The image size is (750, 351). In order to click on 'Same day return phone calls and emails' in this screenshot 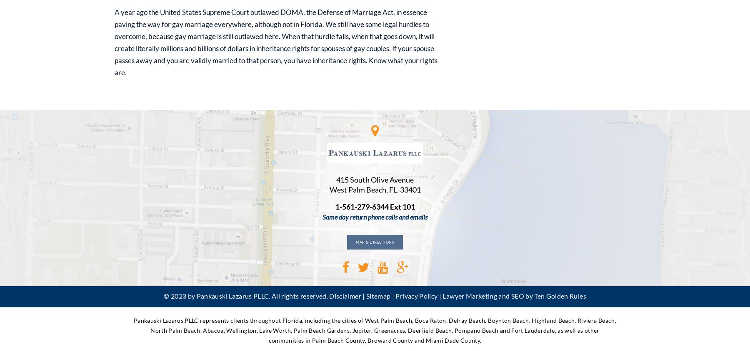, I will do `click(375, 216)`.